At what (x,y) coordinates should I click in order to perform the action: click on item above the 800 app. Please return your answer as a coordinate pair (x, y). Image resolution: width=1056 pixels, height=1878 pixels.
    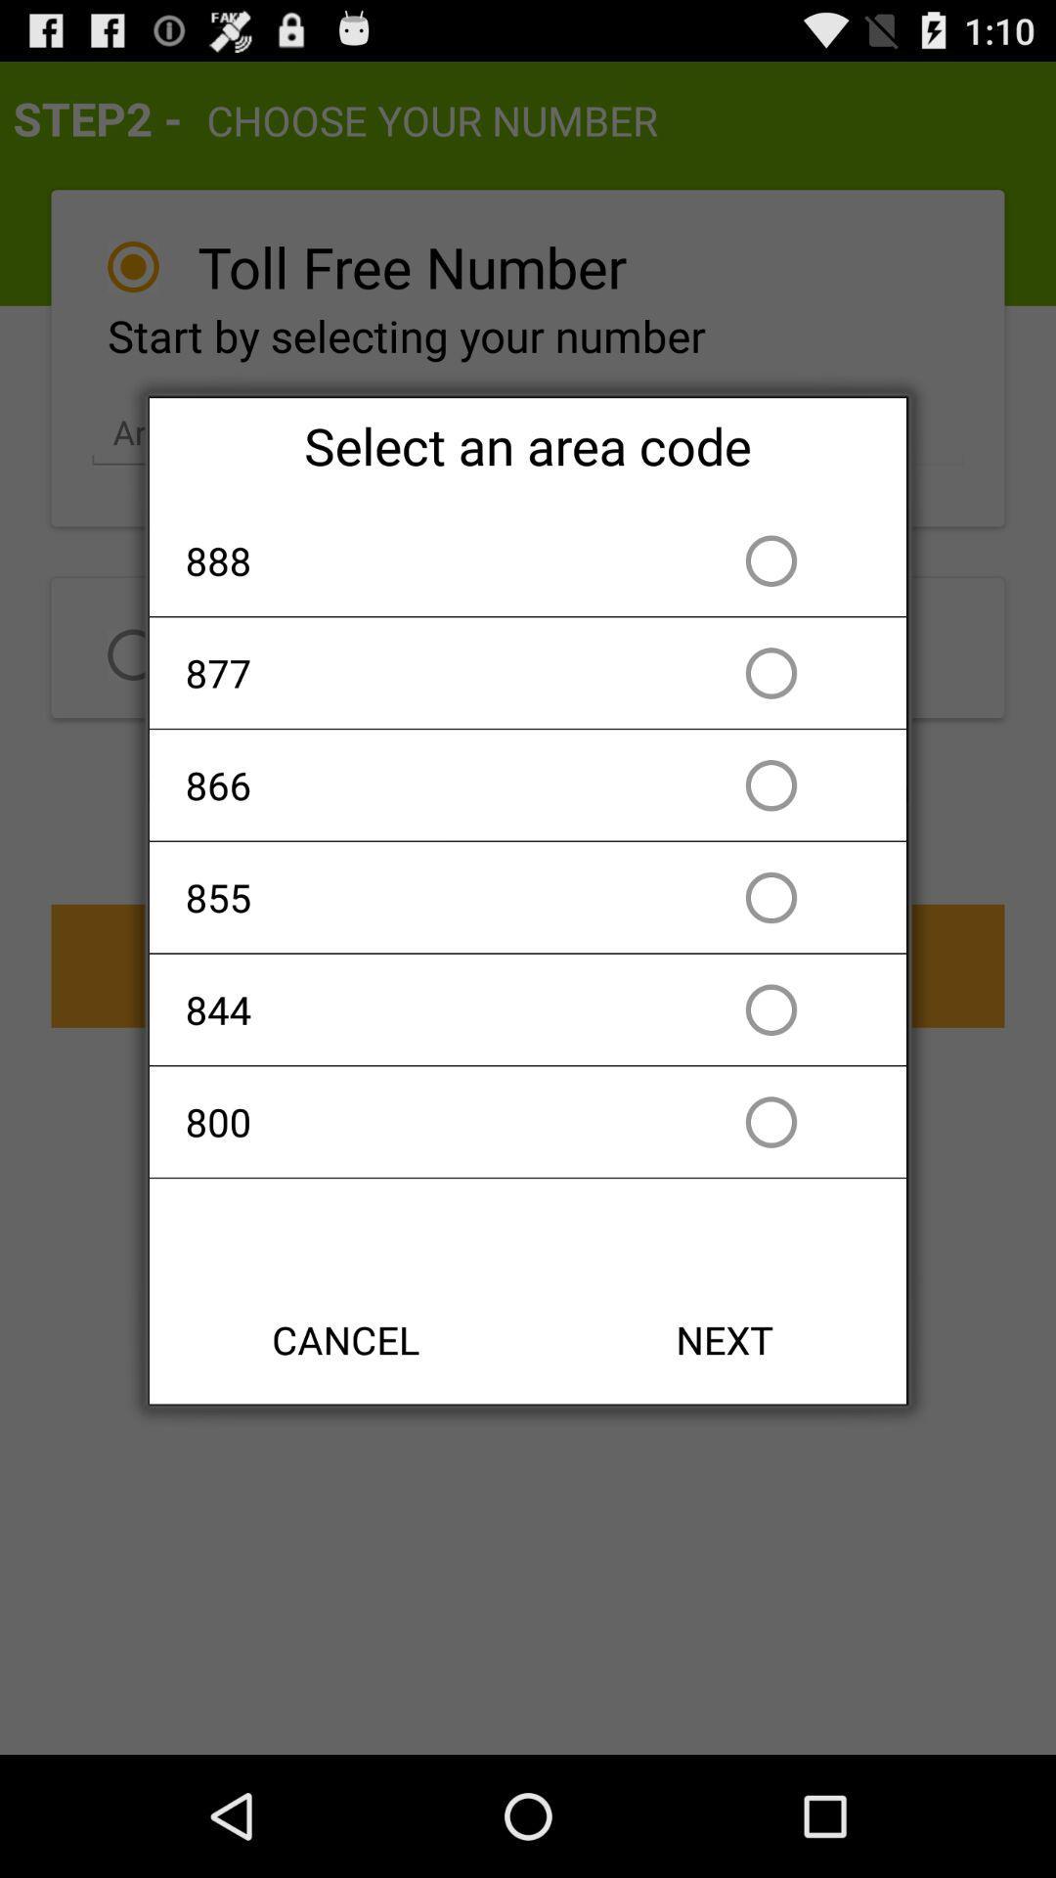
    Looking at the image, I should click on (415, 1009).